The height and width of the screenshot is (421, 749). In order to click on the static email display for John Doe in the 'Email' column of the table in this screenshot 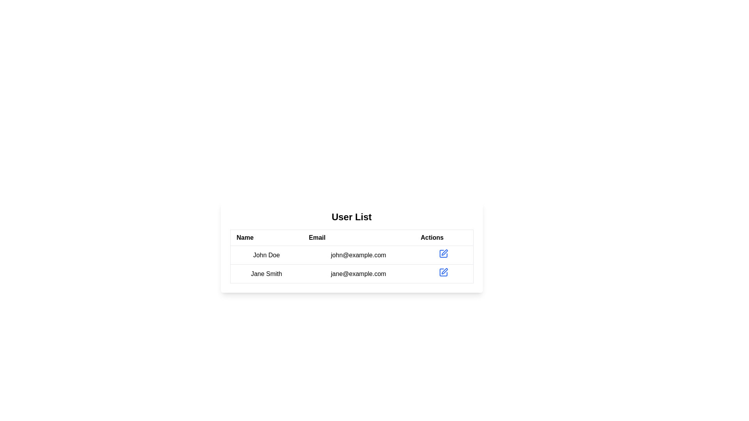, I will do `click(358, 255)`.